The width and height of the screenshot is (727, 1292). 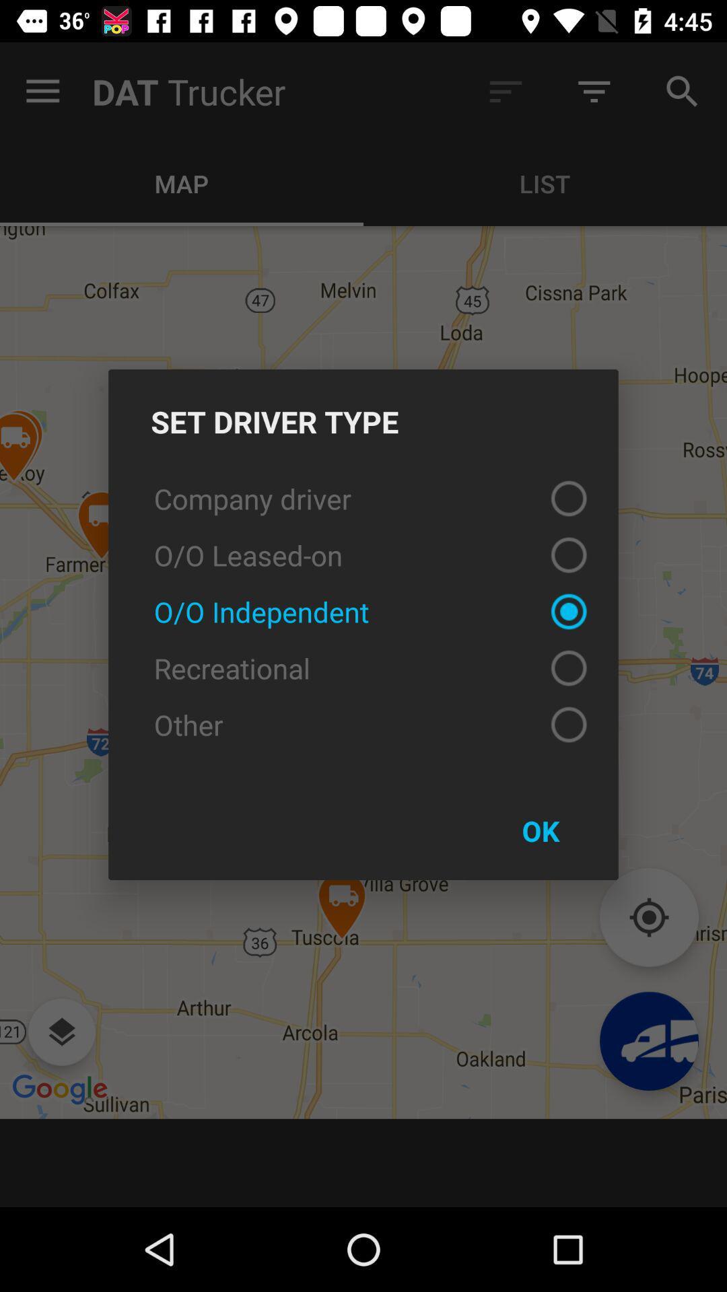 What do you see at coordinates (363, 723) in the screenshot?
I see `icon above ok item` at bounding box center [363, 723].